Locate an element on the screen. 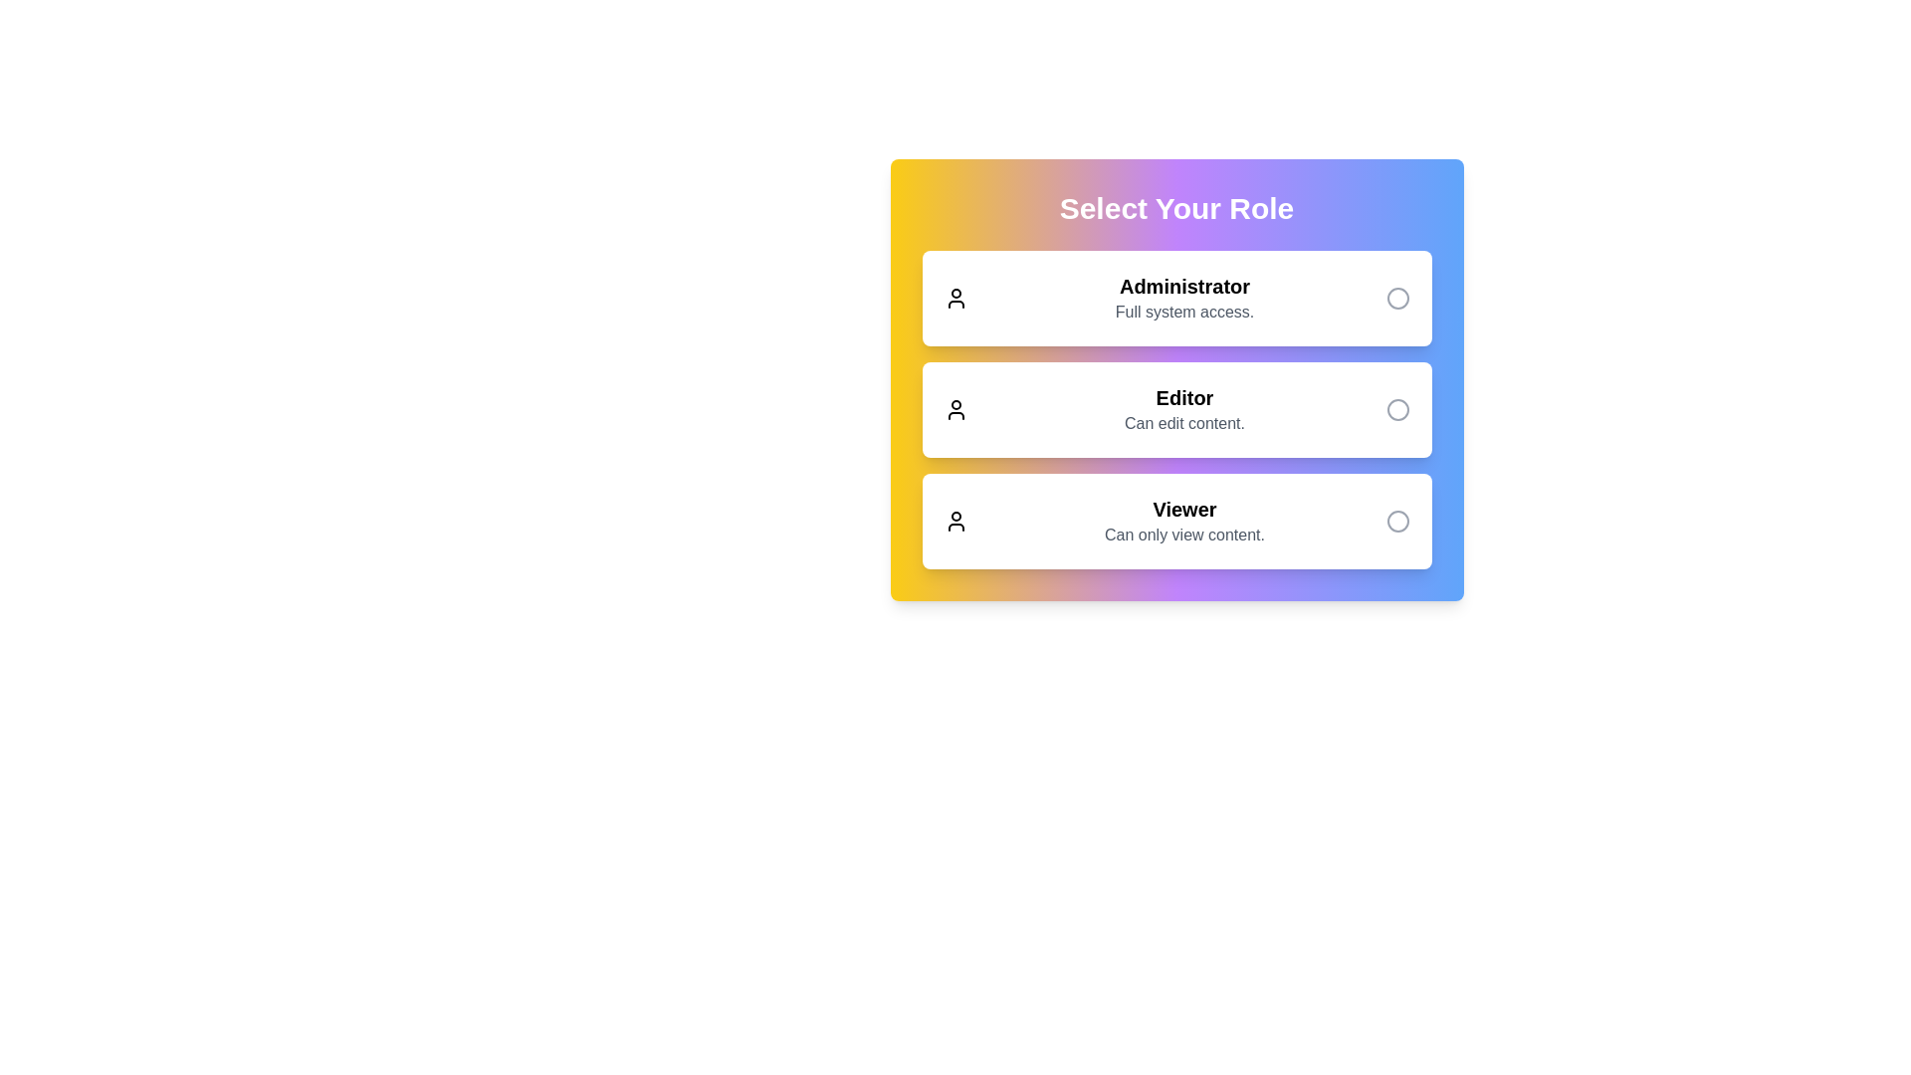  the unselected radio button located at the far right of the 'Administrator' card, adjacent to the text 'Administrator Full system access.' is located at coordinates (1396, 299).